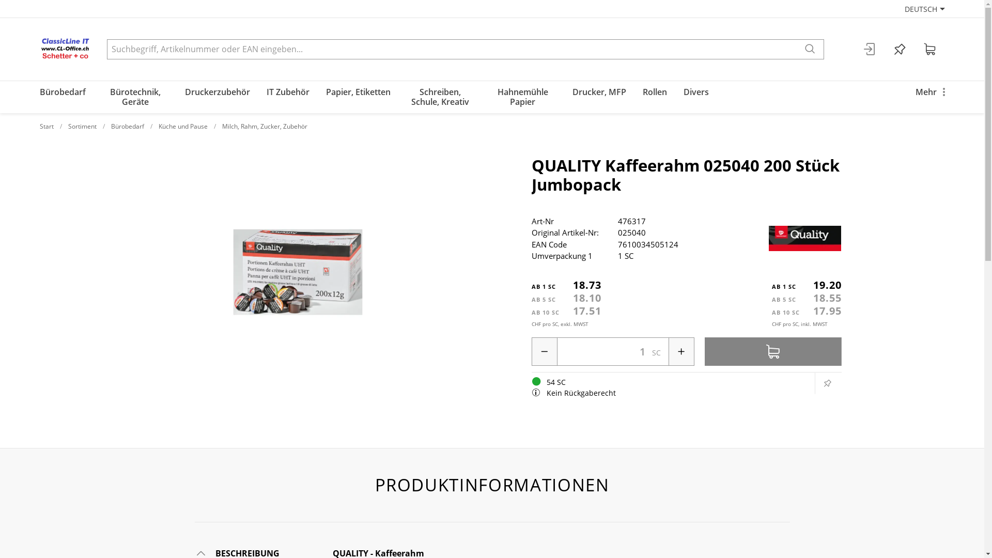 The height and width of the screenshot is (558, 992). I want to click on 'In Warenkorb legen', so click(773, 351).